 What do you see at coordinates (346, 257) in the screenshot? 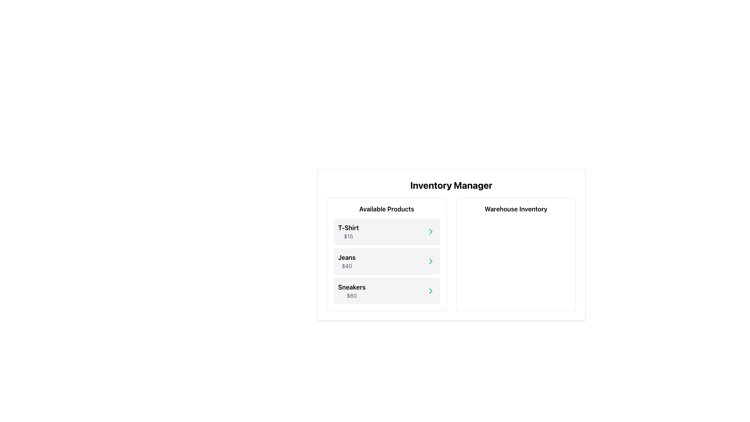
I see `the text label representing the second product in the inventory list, located under the heading 'Available Products', above the price '$40' and below the item labeled 'T-Shirt'` at bounding box center [346, 257].